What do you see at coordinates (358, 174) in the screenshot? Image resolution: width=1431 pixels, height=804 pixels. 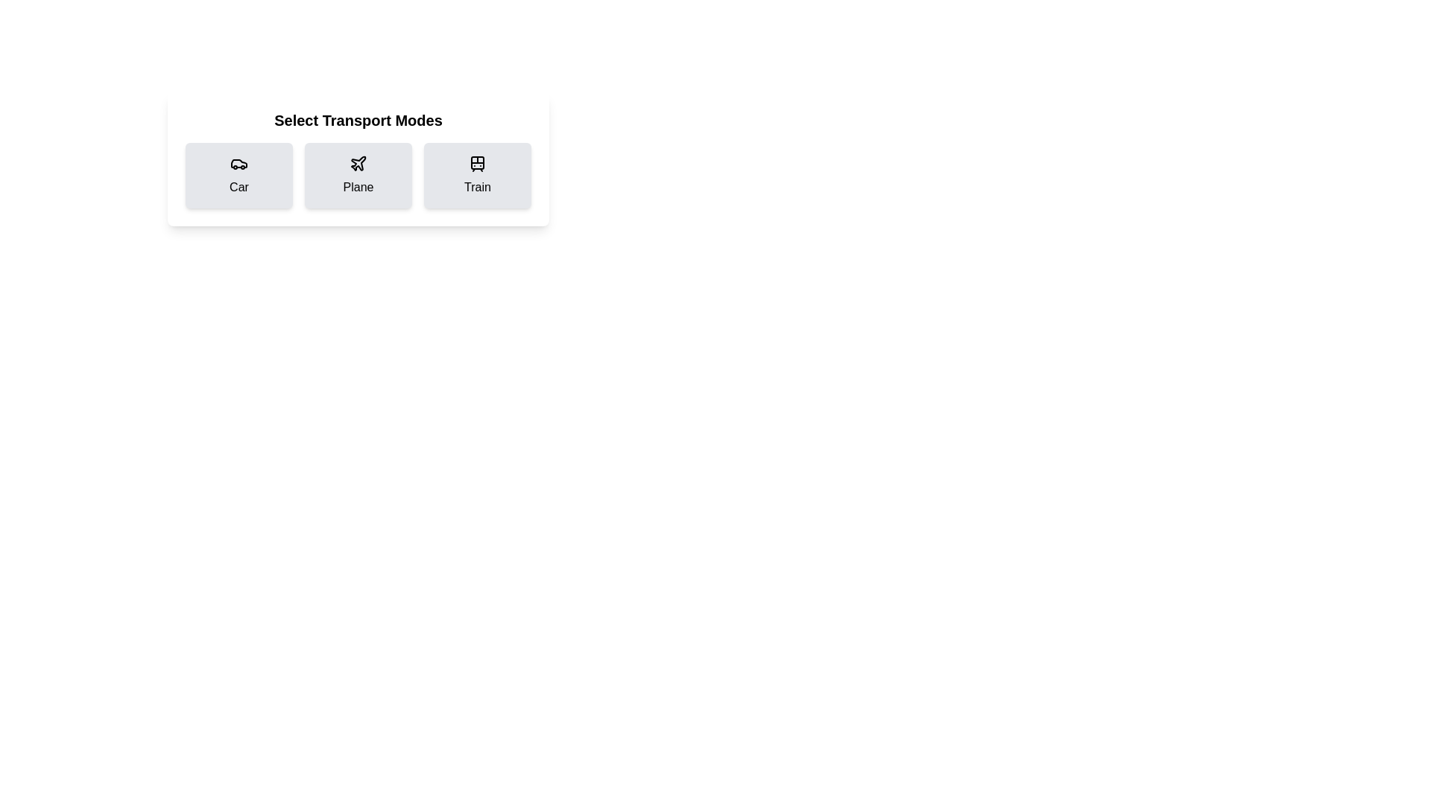 I see `the Plane card to observe the hover effect` at bounding box center [358, 174].